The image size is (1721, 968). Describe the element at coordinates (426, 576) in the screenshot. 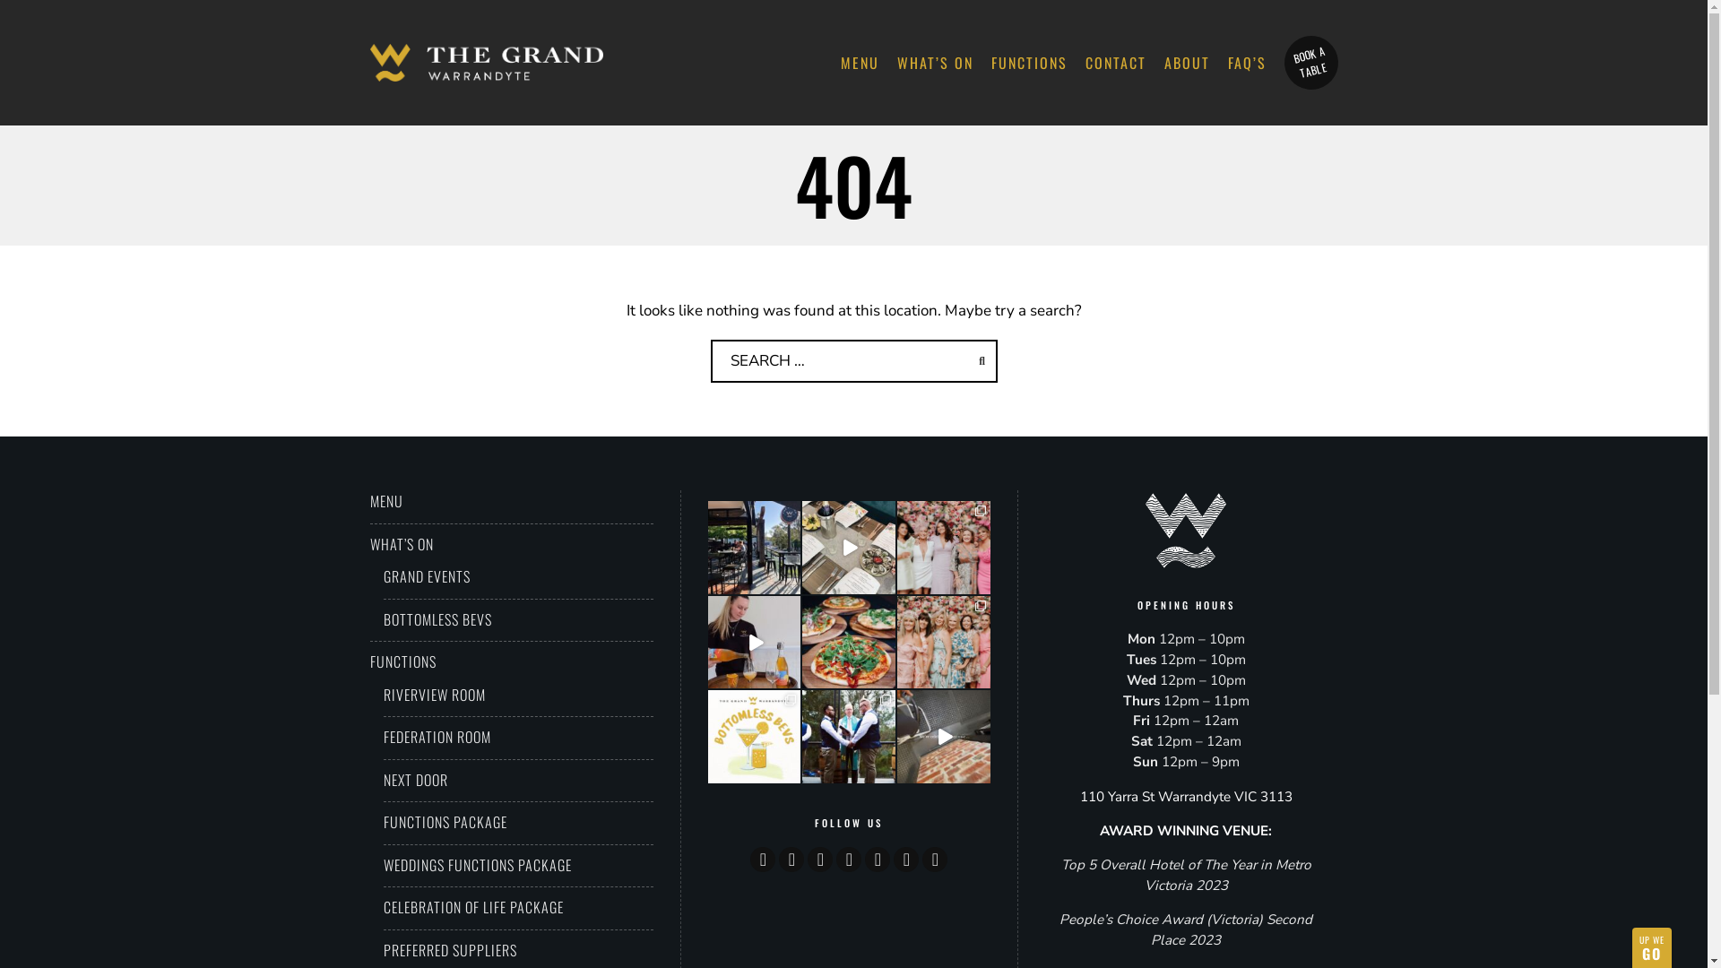

I see `'GRAND EVENTS'` at that location.